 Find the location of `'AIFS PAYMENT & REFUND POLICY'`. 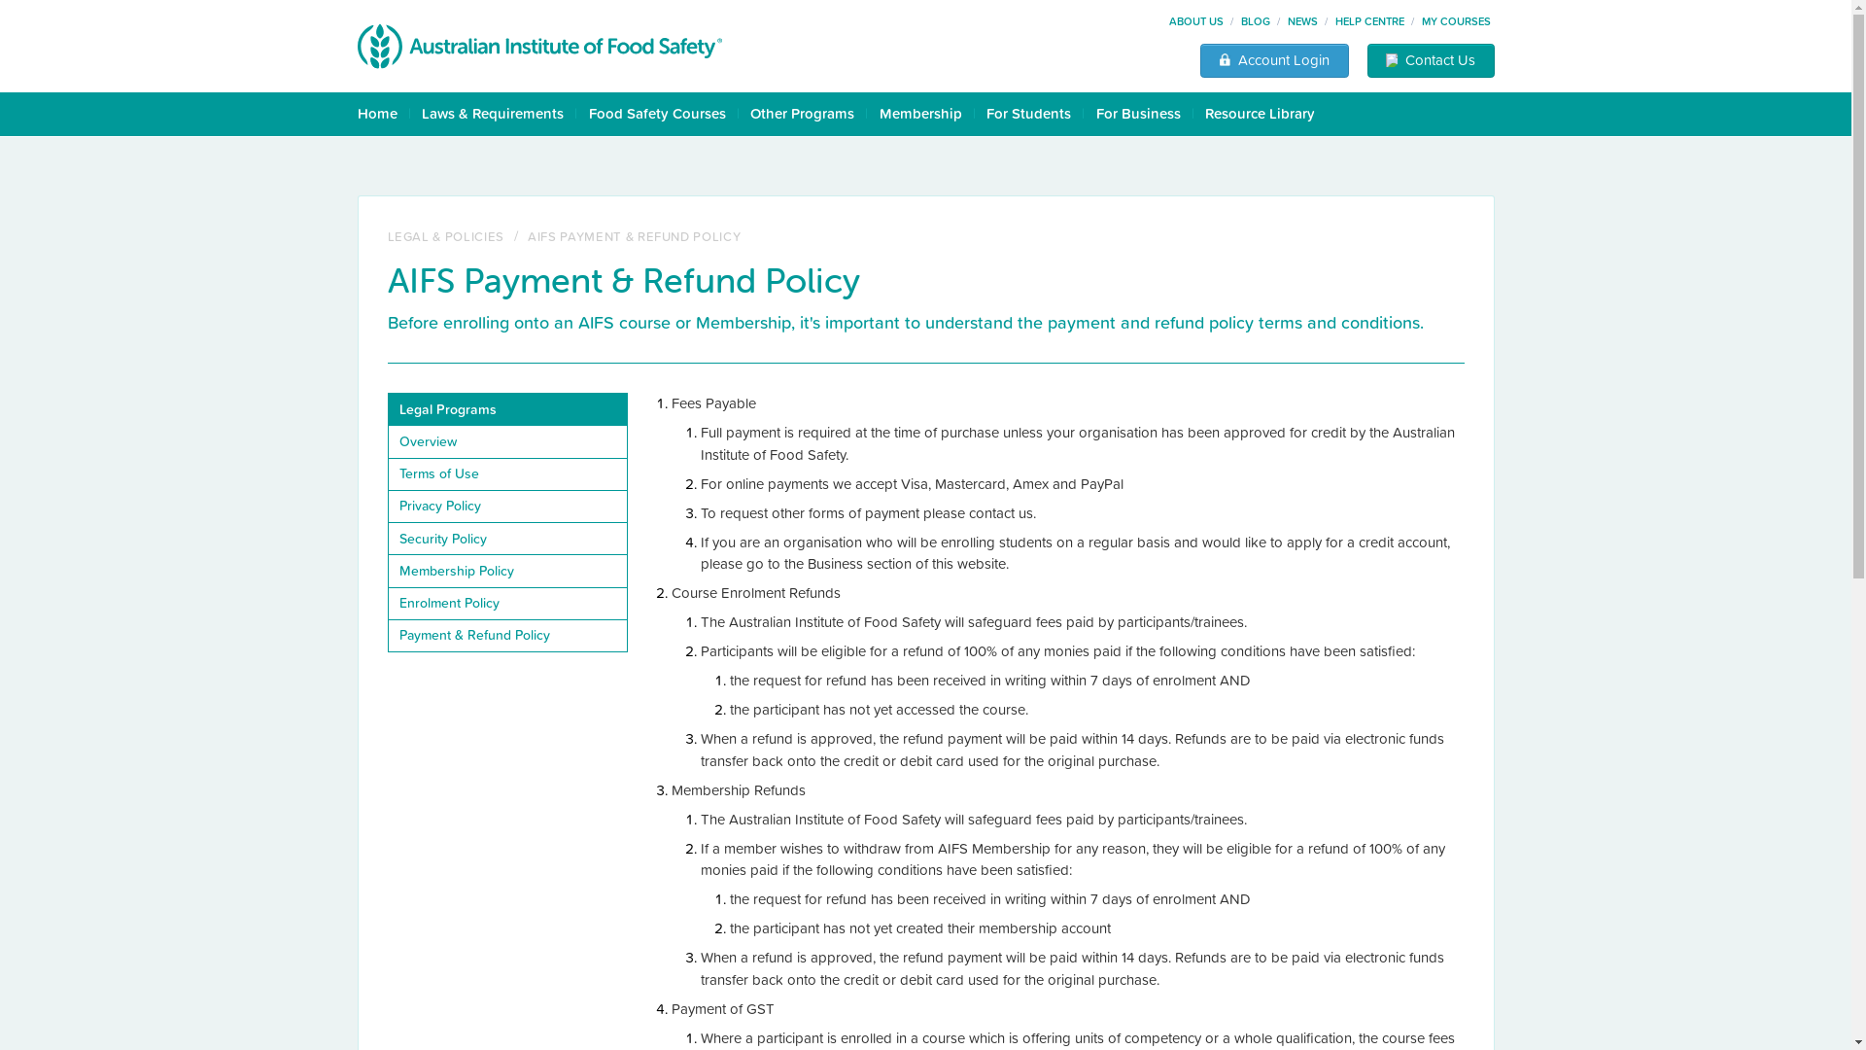

'AIFS PAYMENT & REFUND POLICY' is located at coordinates (634, 235).